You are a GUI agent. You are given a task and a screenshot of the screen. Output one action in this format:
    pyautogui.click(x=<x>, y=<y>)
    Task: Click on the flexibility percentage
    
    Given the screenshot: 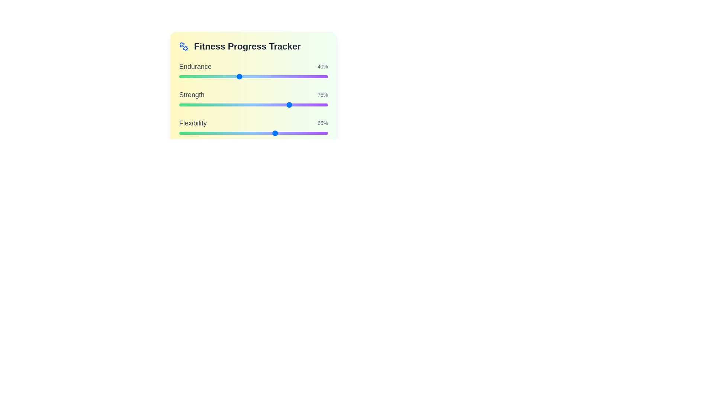 What is the action you would take?
    pyautogui.click(x=214, y=133)
    